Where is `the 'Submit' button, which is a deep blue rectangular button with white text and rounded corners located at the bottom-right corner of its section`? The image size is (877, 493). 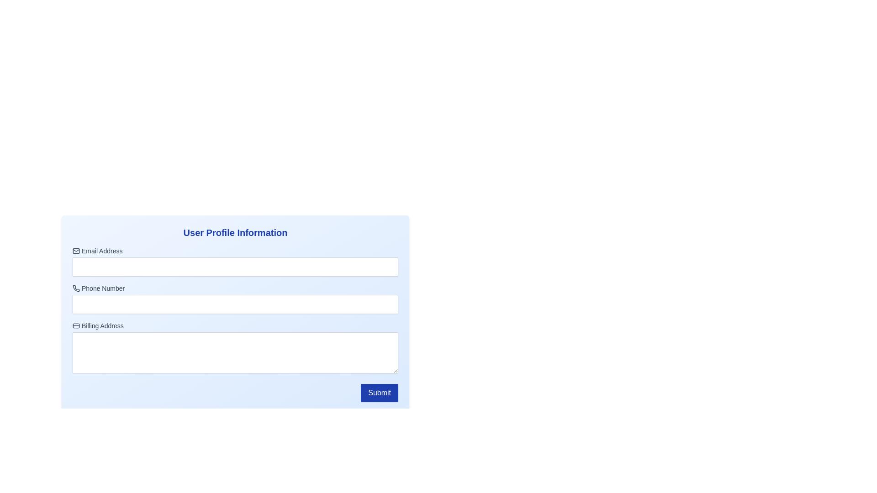 the 'Submit' button, which is a deep blue rectangular button with white text and rounded corners located at the bottom-right corner of its section is located at coordinates (380, 392).